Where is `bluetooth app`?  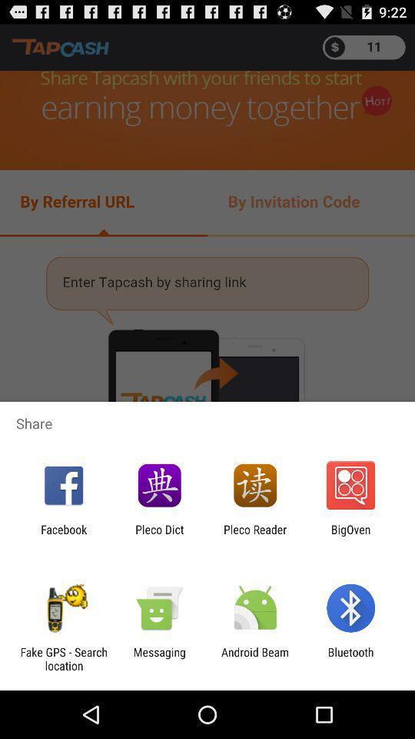 bluetooth app is located at coordinates (350, 658).